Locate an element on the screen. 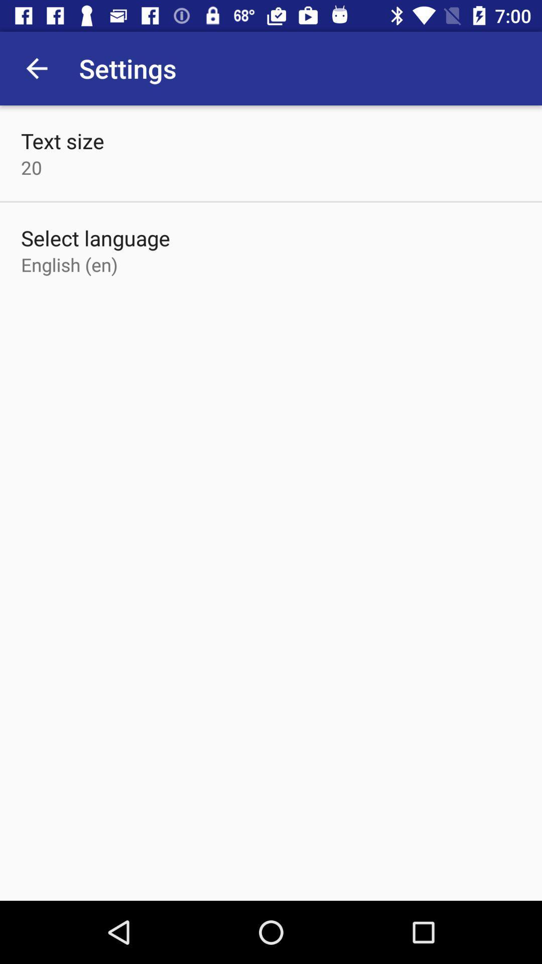 This screenshot has height=964, width=542. the select language icon is located at coordinates (95, 237).